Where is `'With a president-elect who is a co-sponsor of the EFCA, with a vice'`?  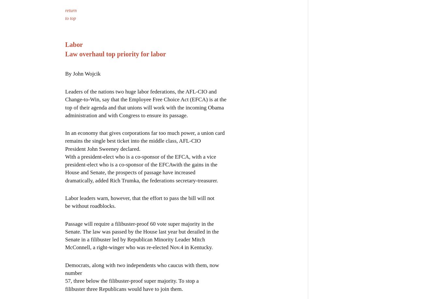 'With a president-elect who is a co-sponsor of the EFCA, with a vice' is located at coordinates (140, 156).